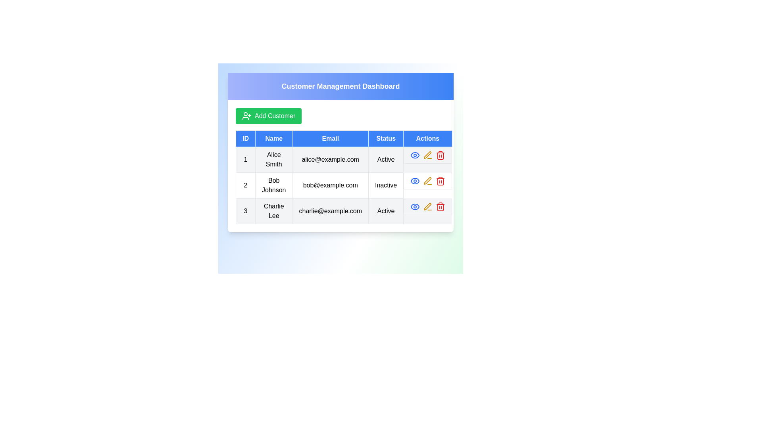 The image size is (762, 428). I want to click on the 'Edit' icon for the customer with ID 2, so click(427, 181).